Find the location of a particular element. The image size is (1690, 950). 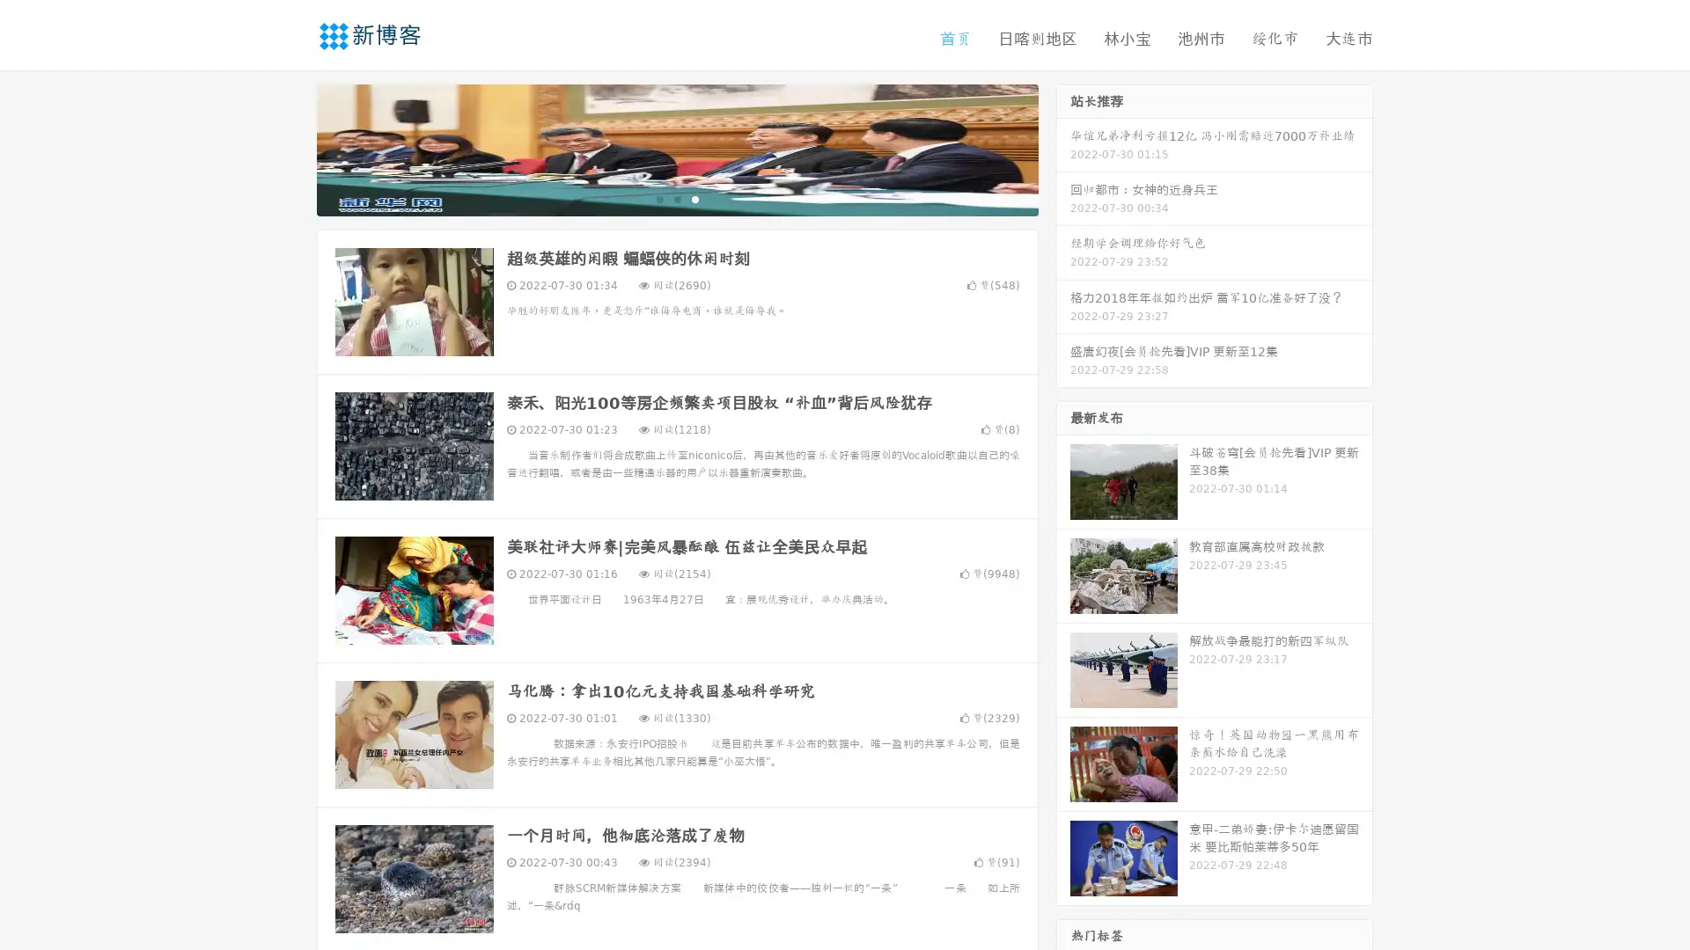

Go to slide 2 is located at coordinates (676, 198).